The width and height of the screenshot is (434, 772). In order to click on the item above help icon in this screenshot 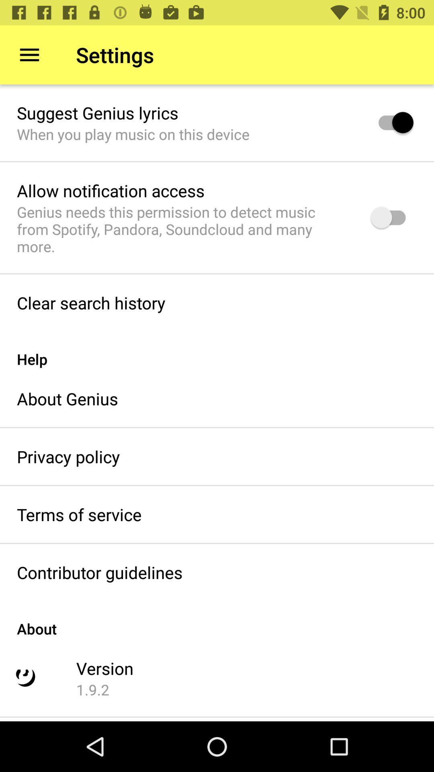, I will do `click(90, 302)`.